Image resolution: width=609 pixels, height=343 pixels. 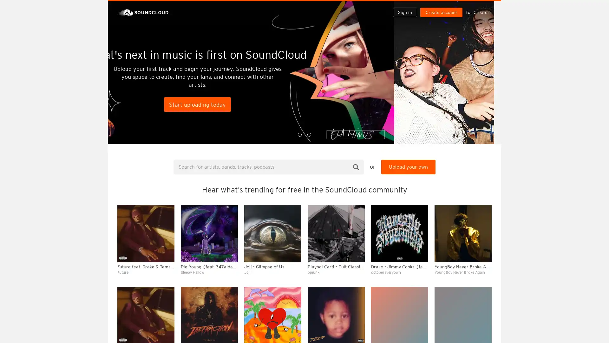 I want to click on Clear, so click(x=470, y=173).